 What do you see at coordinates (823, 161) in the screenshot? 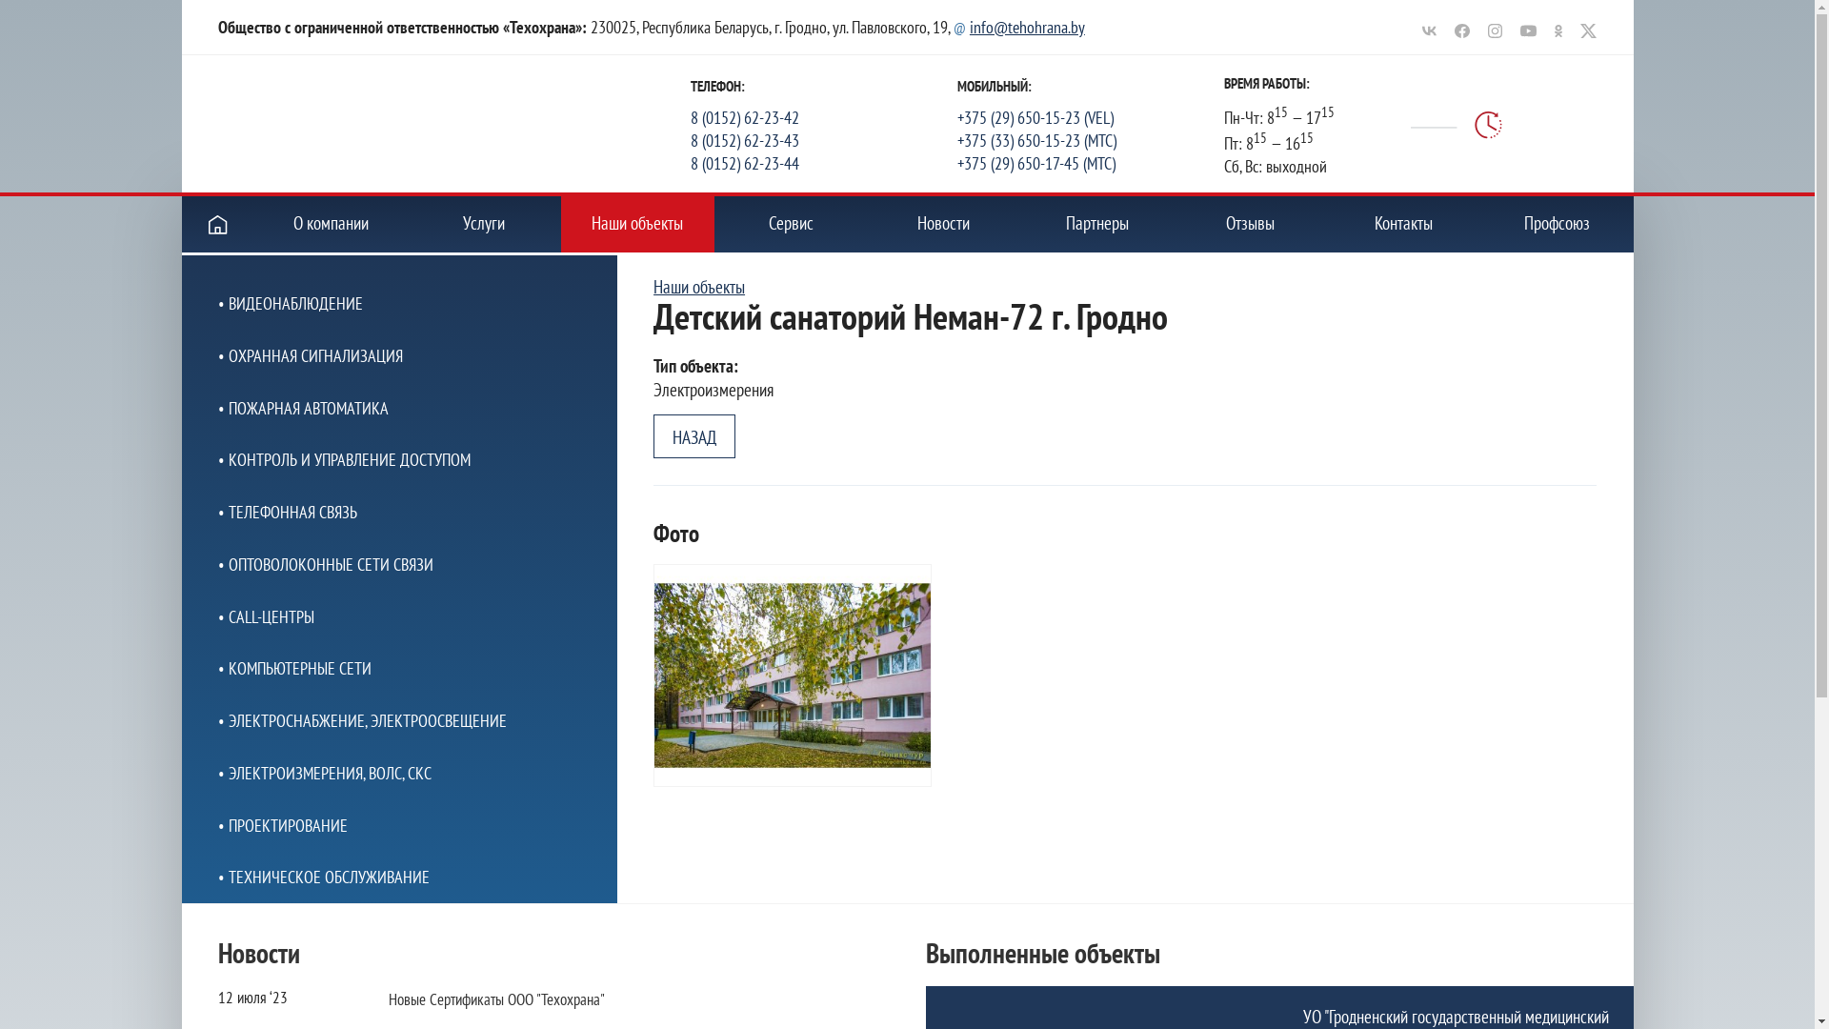
I see `'8 (0152) 62-23-44'` at bounding box center [823, 161].